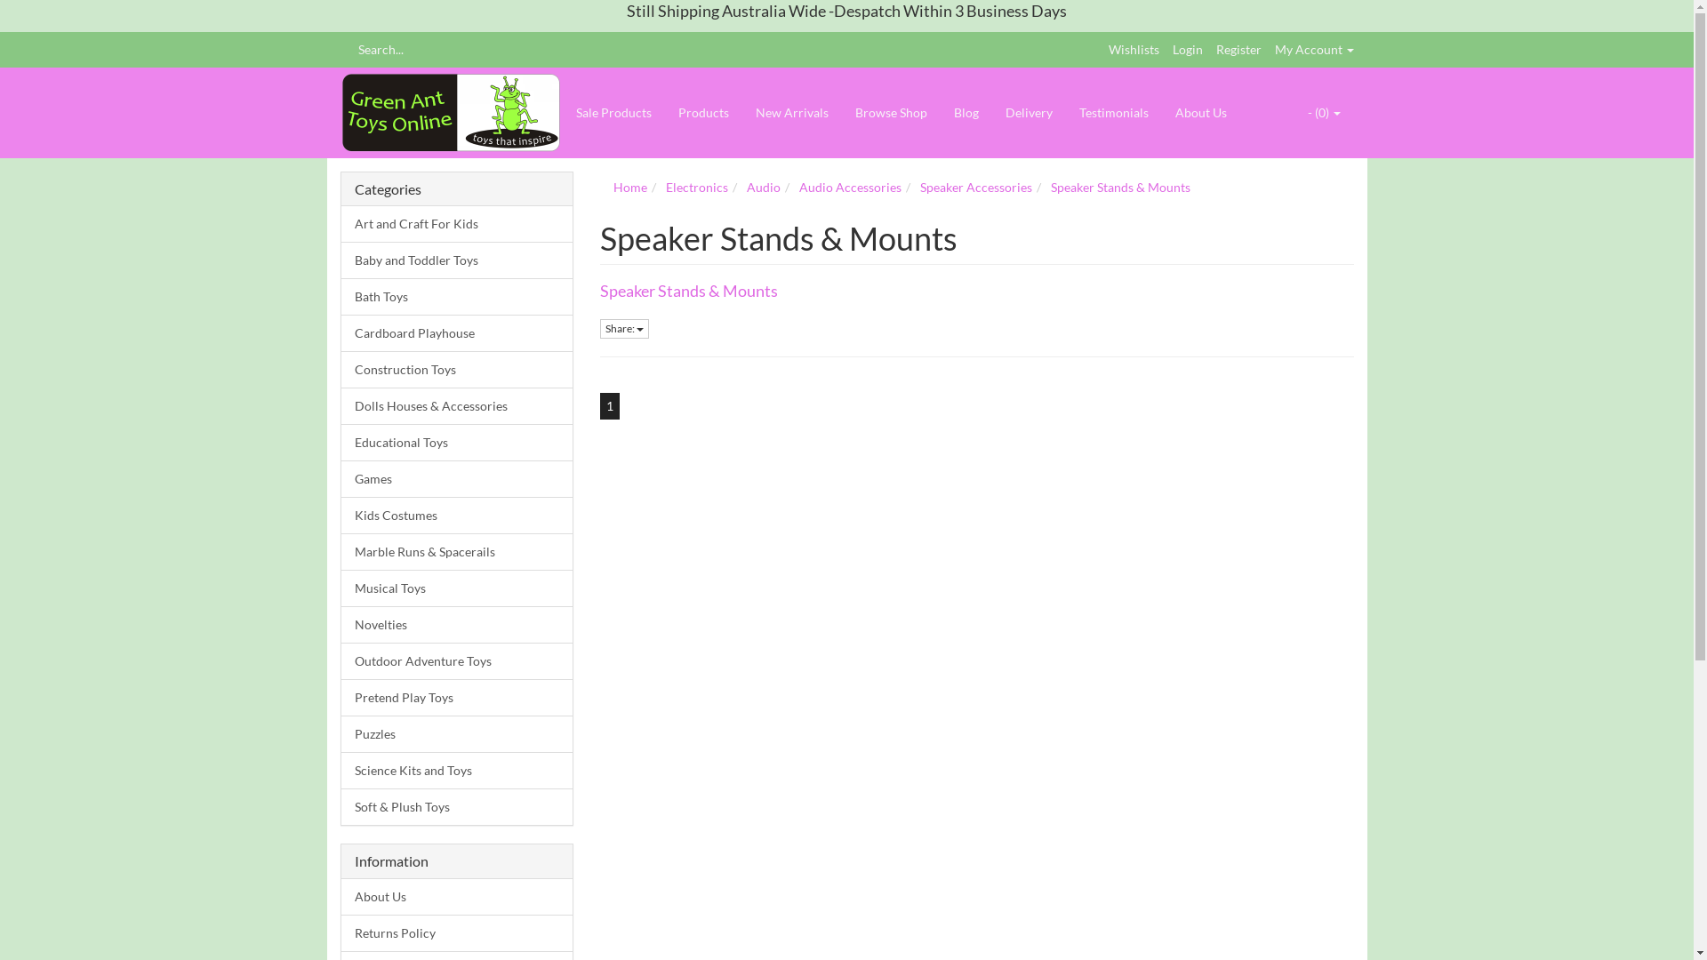  Describe the element at coordinates (341, 369) in the screenshot. I see `'Construction Toys'` at that location.